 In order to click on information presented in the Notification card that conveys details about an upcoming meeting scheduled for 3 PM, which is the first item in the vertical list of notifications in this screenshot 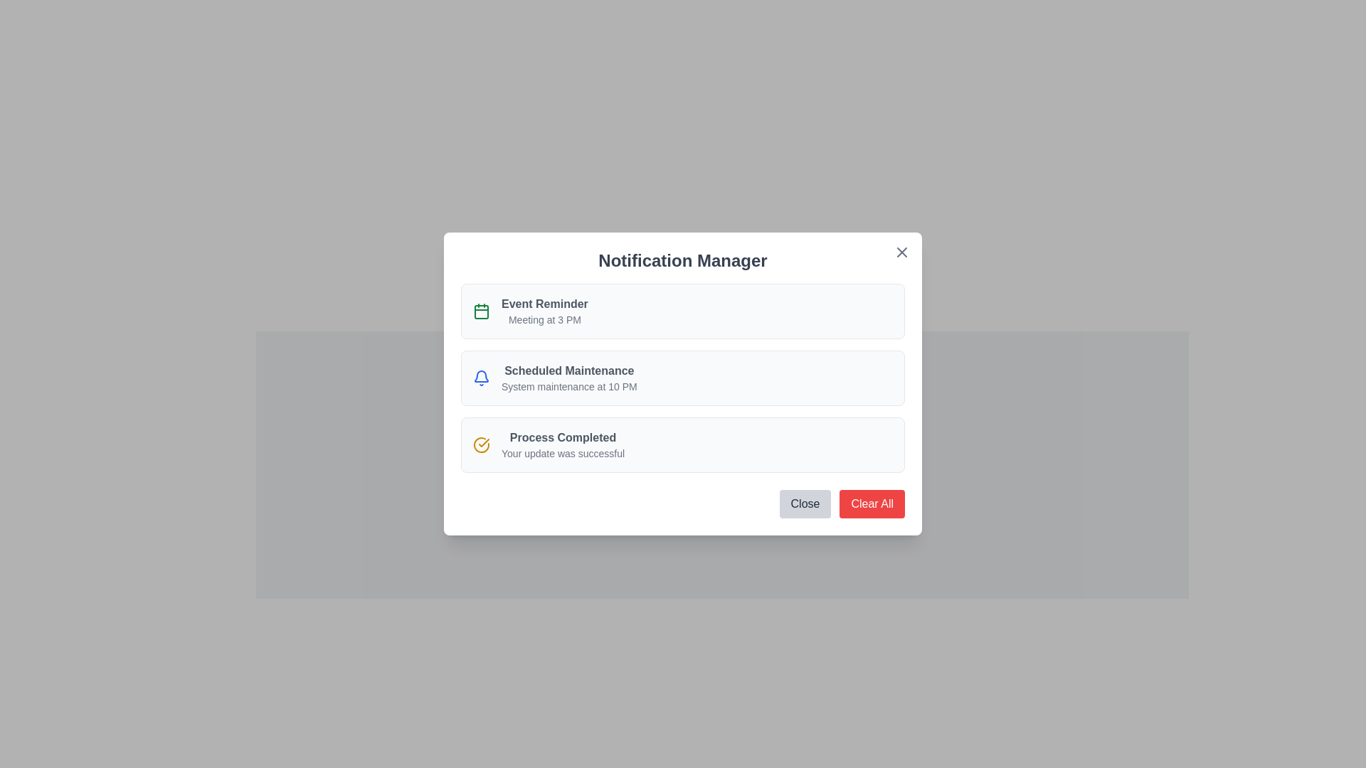, I will do `click(683, 311)`.